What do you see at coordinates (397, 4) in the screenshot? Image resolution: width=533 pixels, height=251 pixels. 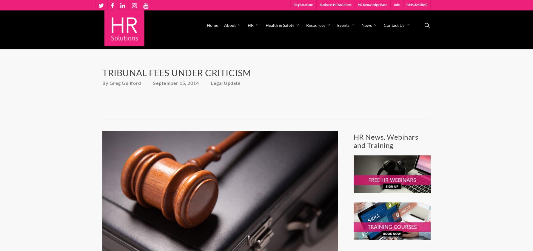 I see `'Jobs'` at bounding box center [397, 4].